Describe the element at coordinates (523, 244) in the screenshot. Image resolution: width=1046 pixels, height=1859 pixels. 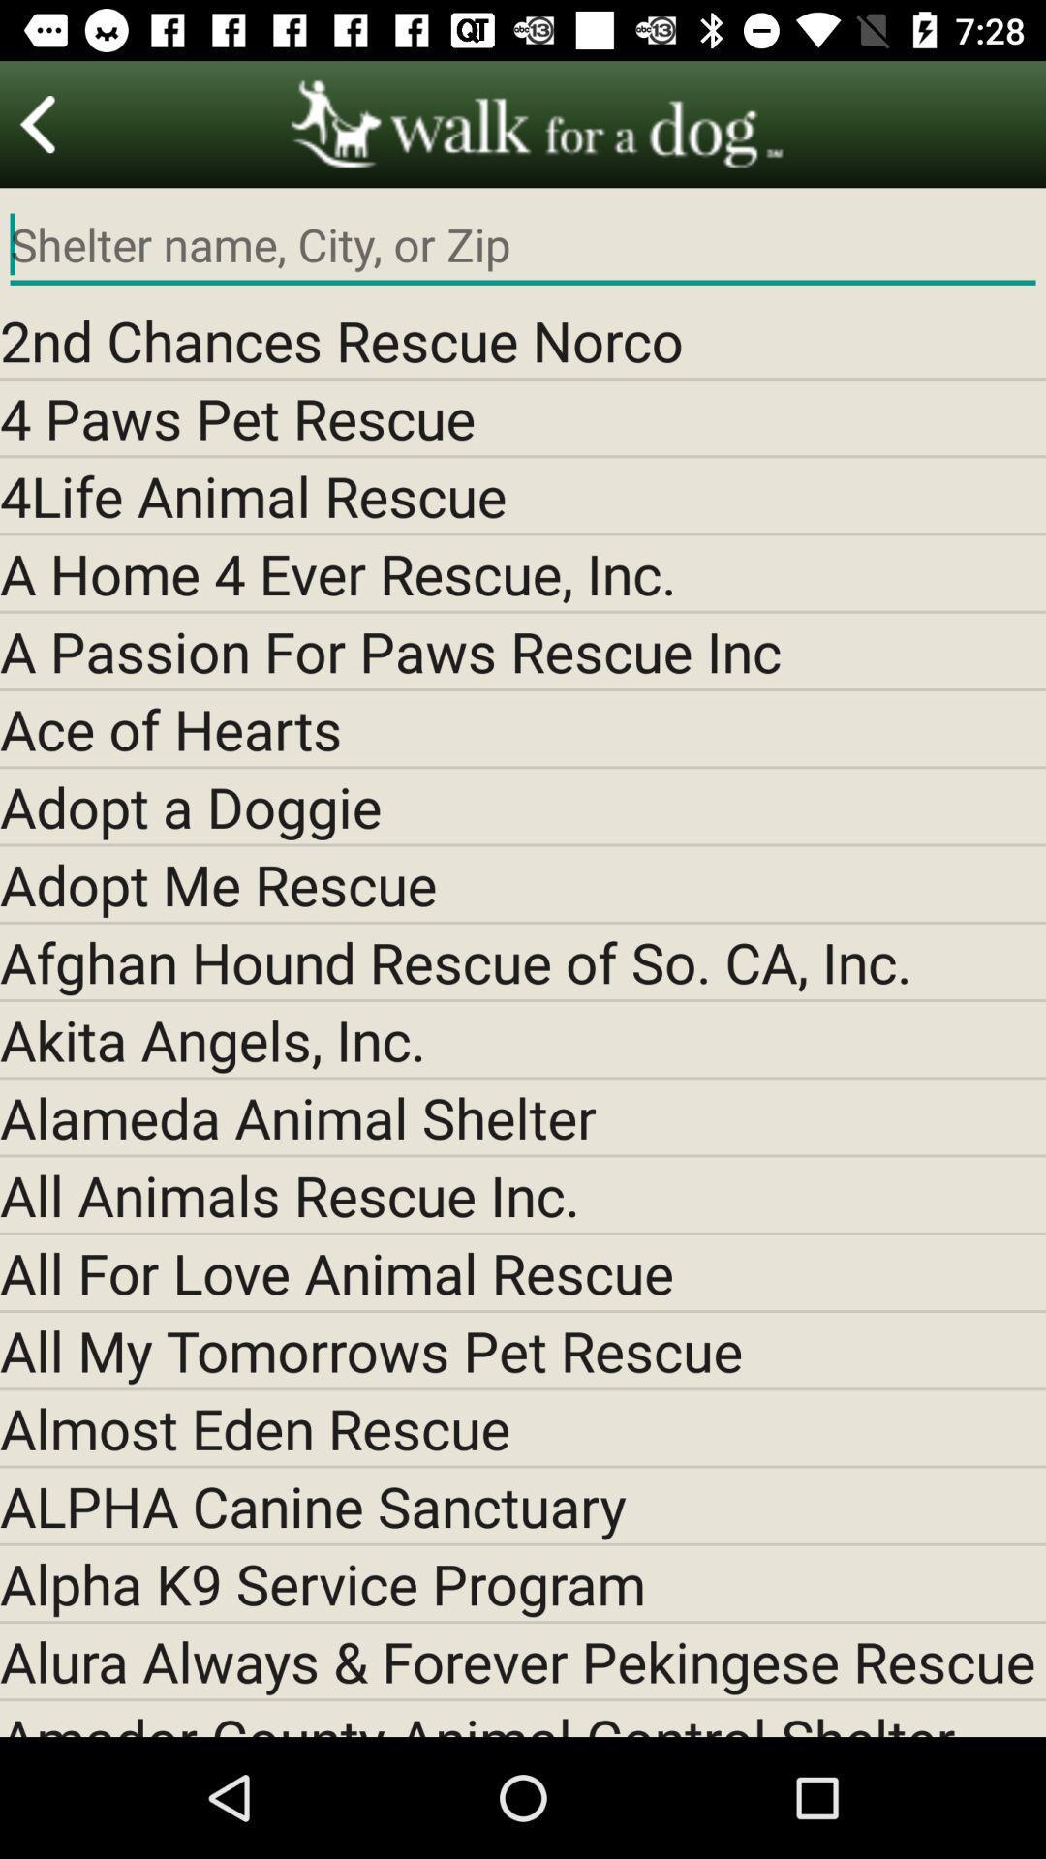
I see `search criteria` at that location.